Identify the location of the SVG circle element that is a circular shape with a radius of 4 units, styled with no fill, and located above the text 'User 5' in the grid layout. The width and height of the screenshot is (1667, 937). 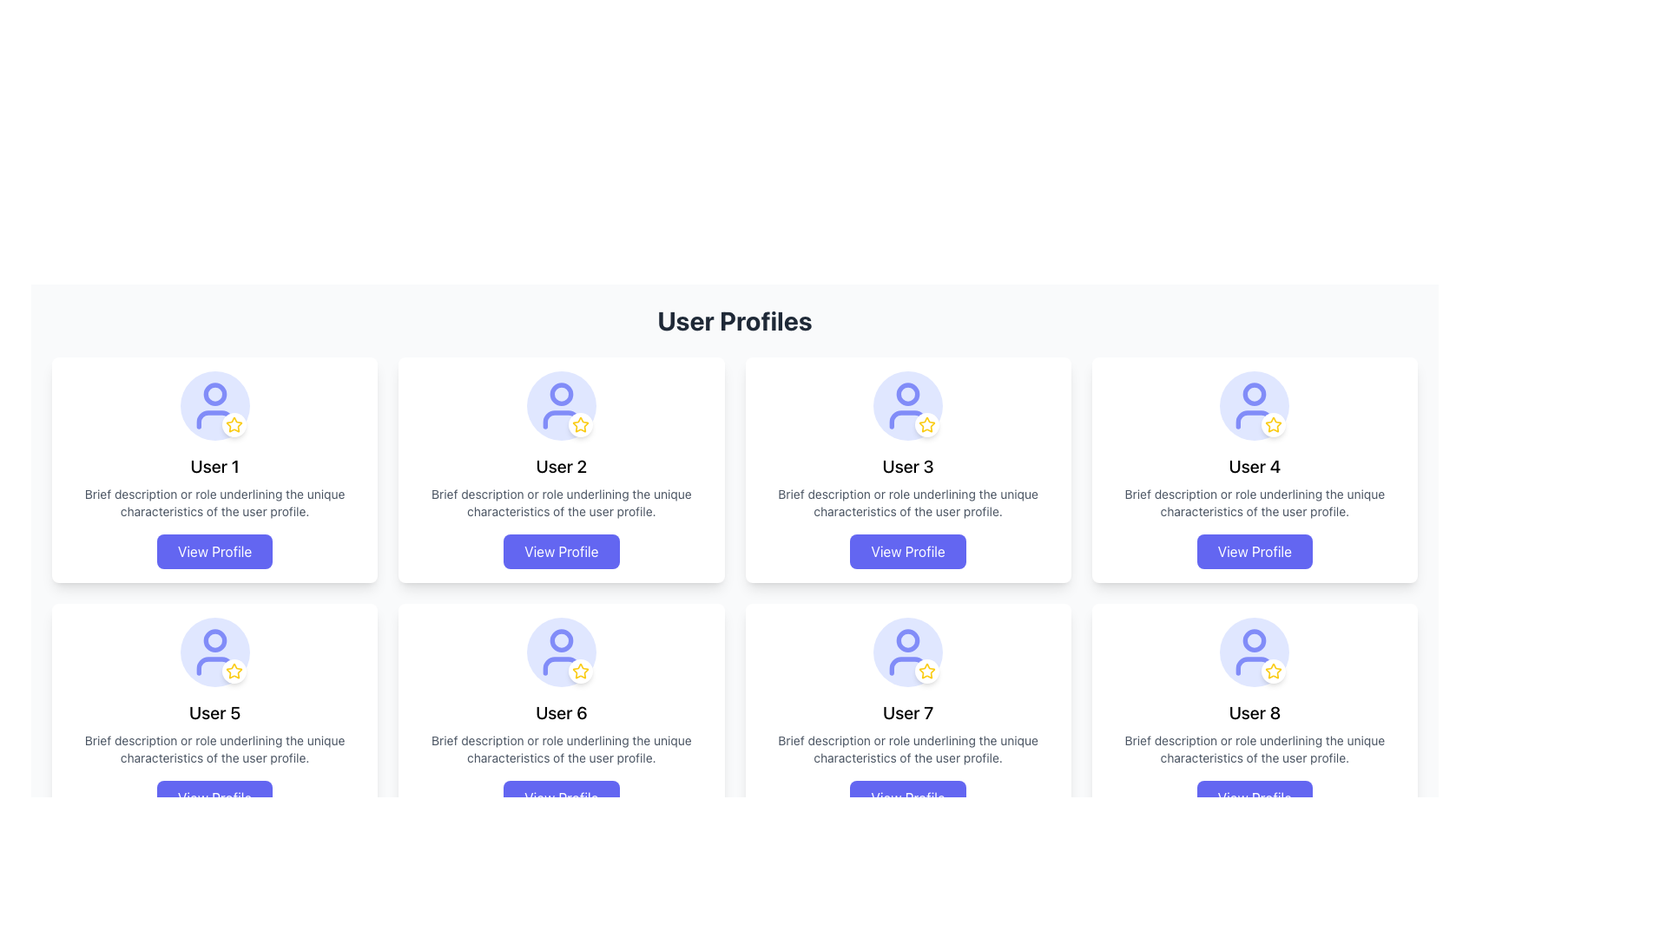
(214, 640).